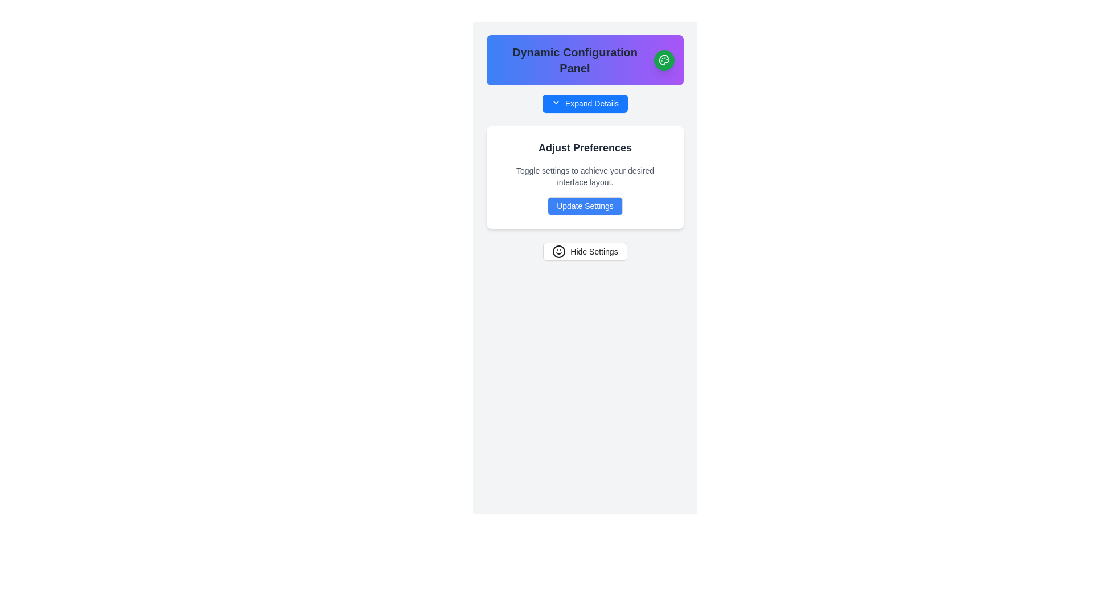 This screenshot has width=1093, height=615. Describe the element at coordinates (664, 60) in the screenshot. I see `the circular icon resembling a palette with a green background and white strokes, located at the upper-right corner of the 'Dynamic Configuration Panel'` at that location.